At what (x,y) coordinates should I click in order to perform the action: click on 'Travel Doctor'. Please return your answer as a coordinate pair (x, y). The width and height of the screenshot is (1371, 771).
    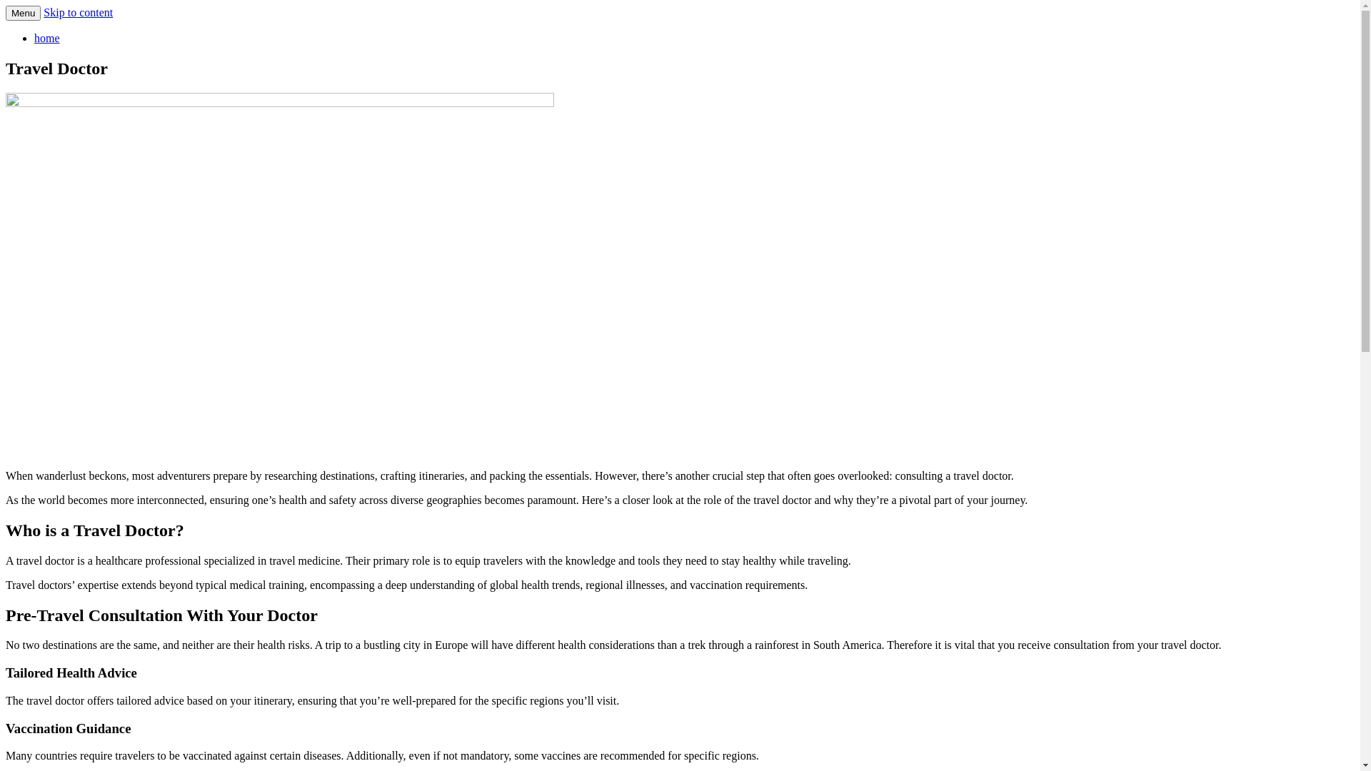
    Looking at the image, I should click on (72, 32).